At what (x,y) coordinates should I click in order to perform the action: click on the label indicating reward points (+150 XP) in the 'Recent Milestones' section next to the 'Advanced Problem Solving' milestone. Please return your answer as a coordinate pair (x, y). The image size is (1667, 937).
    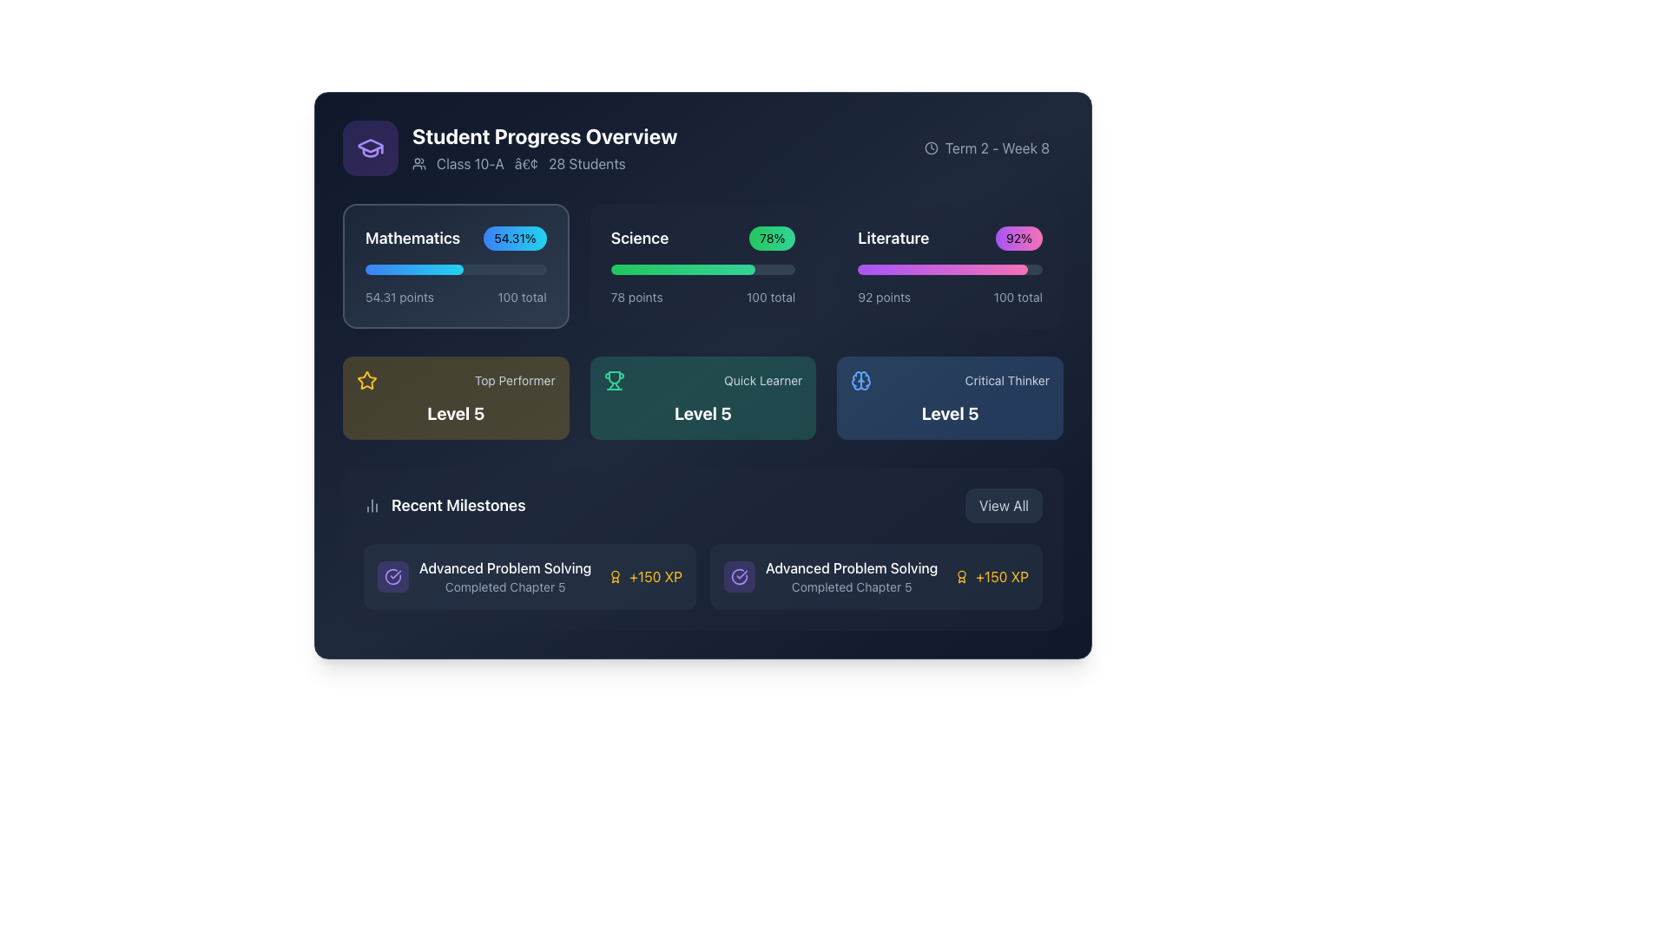
    Looking at the image, I should click on (655, 576).